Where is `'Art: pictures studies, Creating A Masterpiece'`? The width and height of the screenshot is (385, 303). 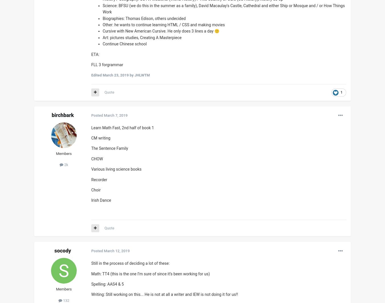
'Art: pictures studies, Creating A Masterpiece' is located at coordinates (103, 37).